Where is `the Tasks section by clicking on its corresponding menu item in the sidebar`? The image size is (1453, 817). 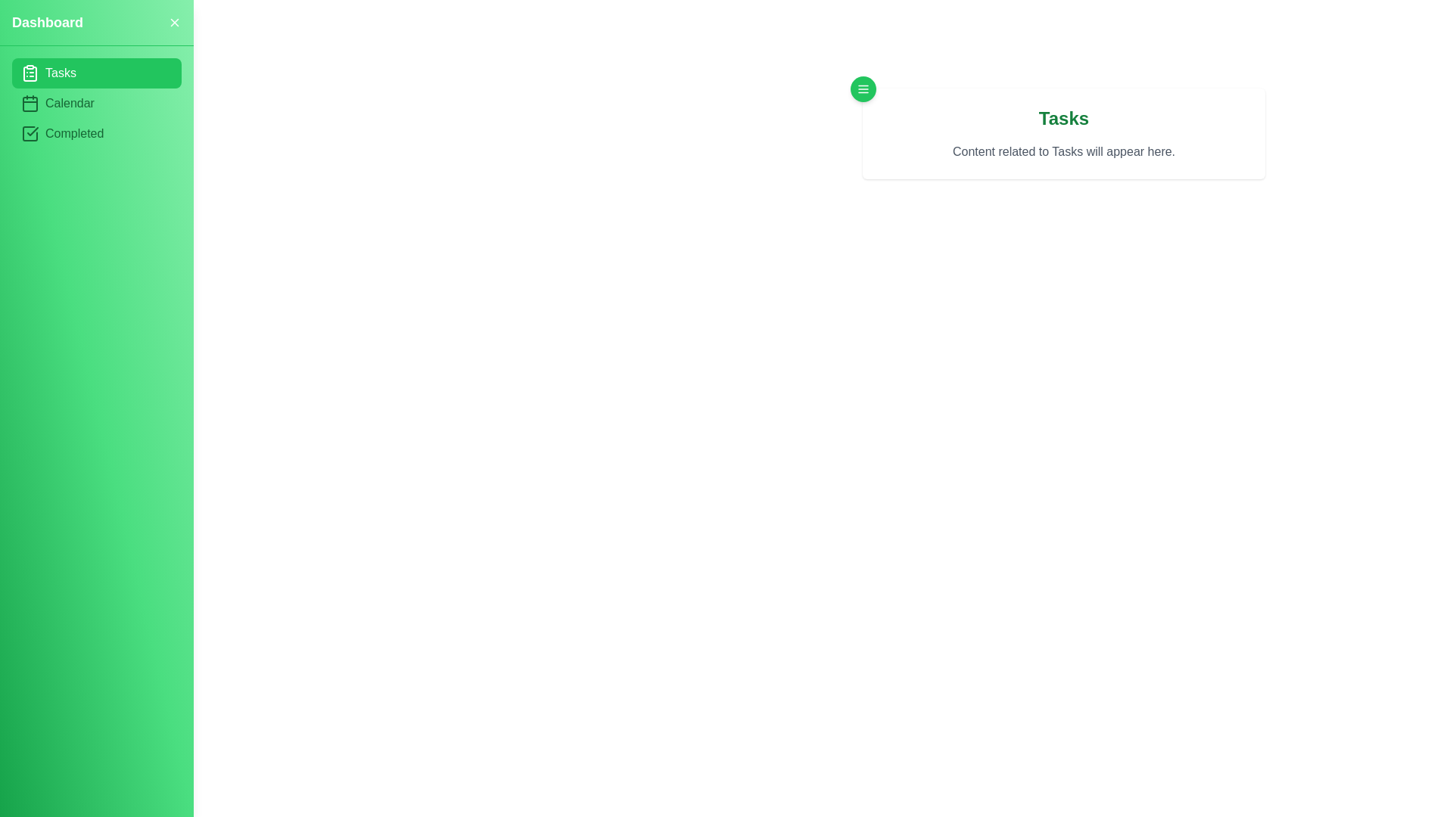 the Tasks section by clicking on its corresponding menu item in the sidebar is located at coordinates (96, 73).